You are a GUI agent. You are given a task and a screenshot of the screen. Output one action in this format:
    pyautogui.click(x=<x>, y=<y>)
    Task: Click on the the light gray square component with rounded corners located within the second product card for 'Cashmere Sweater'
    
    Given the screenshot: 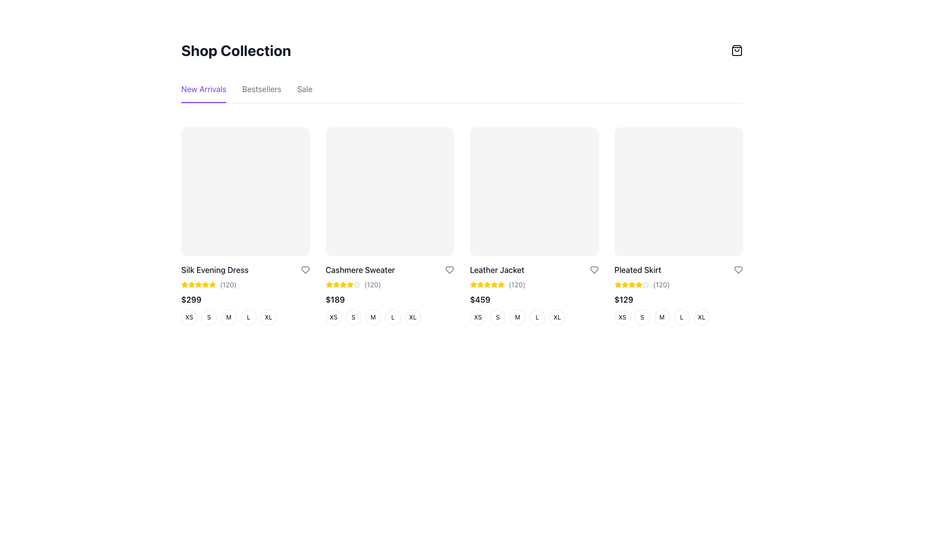 What is the action you would take?
    pyautogui.click(x=389, y=191)
    